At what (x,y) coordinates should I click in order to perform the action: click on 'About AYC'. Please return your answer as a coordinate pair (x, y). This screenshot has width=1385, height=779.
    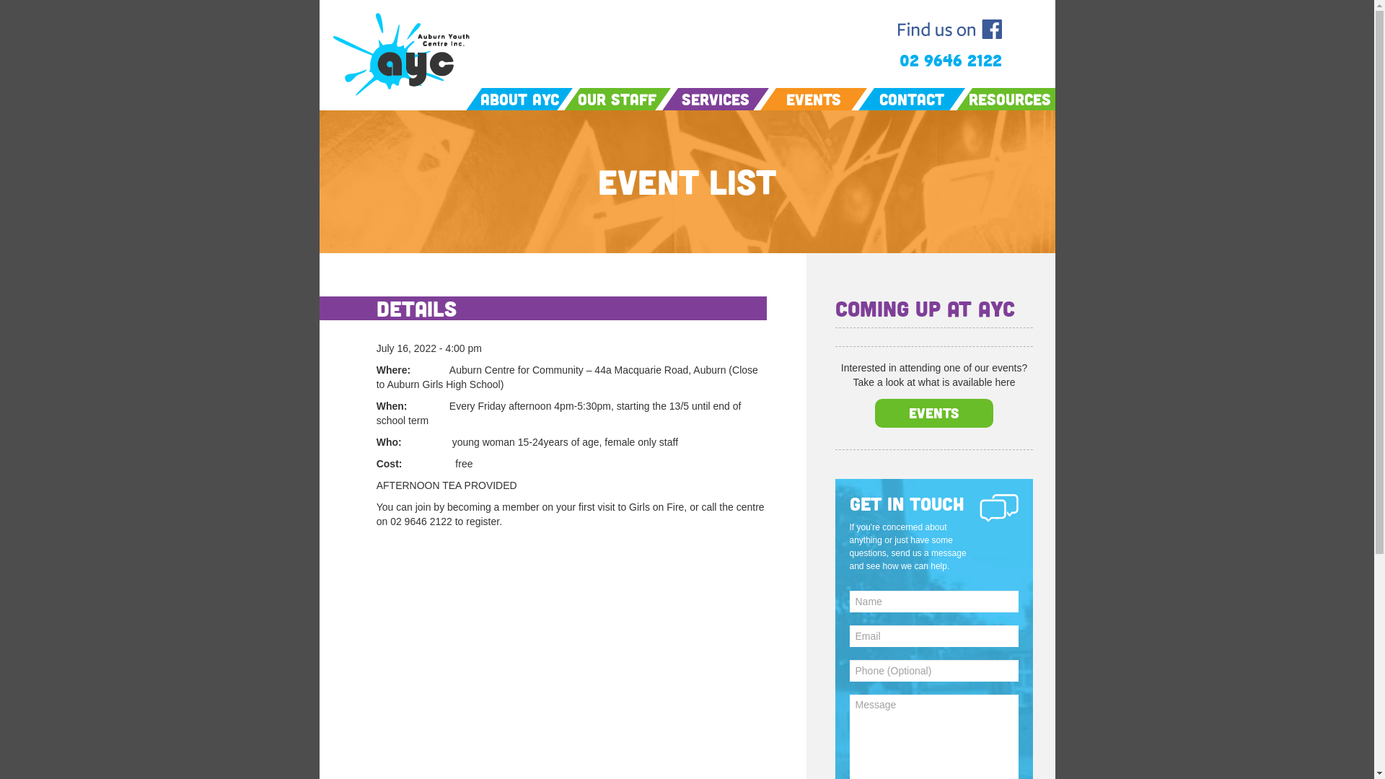
    Looking at the image, I should click on (474, 98).